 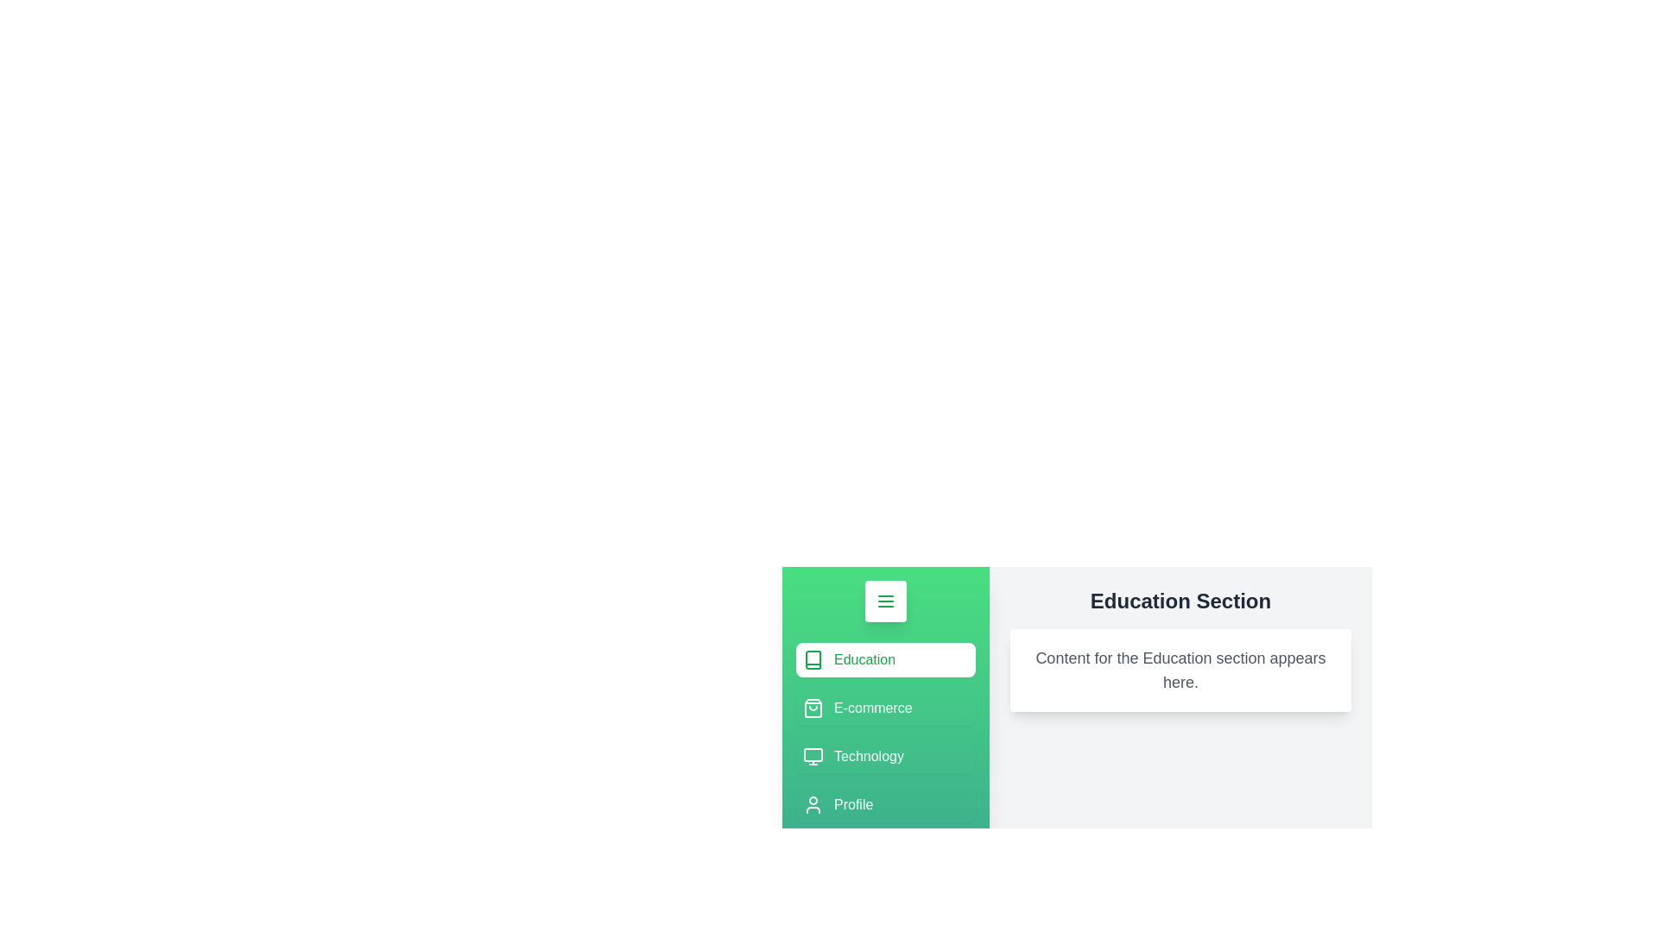 What do you see at coordinates (886, 755) in the screenshot?
I see `the section Technology in the drawer` at bounding box center [886, 755].